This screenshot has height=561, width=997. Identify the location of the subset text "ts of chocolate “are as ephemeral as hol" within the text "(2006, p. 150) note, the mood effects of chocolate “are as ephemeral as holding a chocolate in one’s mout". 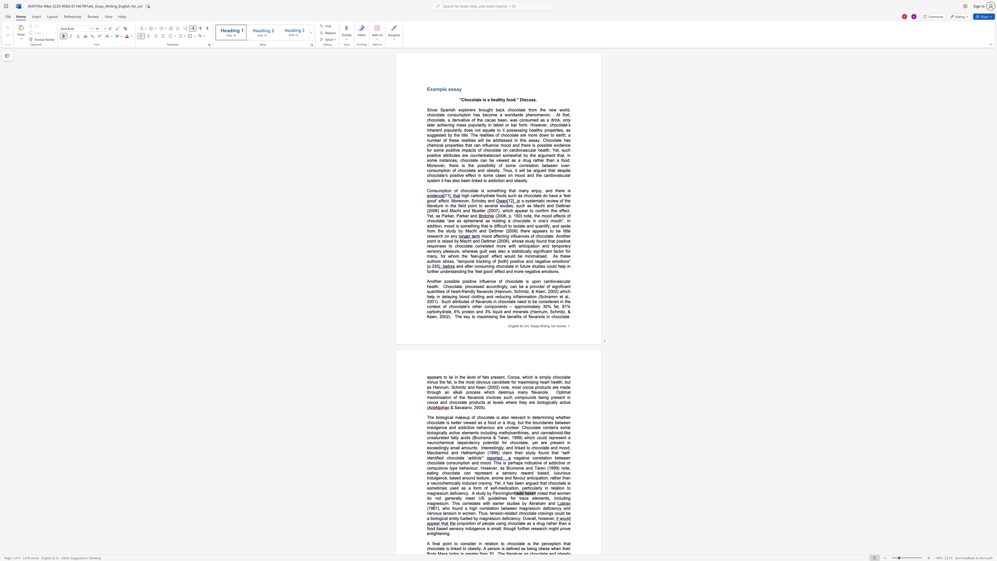
(562, 216).